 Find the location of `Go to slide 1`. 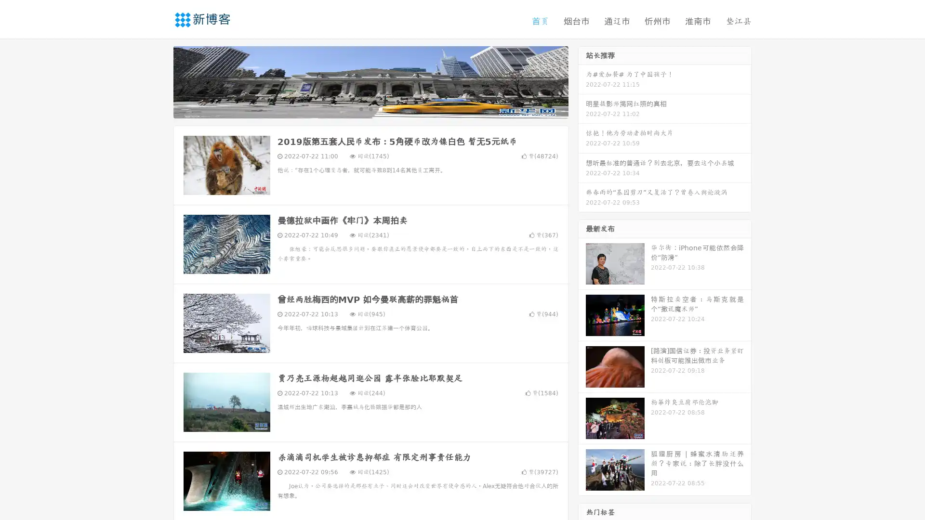

Go to slide 1 is located at coordinates (360, 108).